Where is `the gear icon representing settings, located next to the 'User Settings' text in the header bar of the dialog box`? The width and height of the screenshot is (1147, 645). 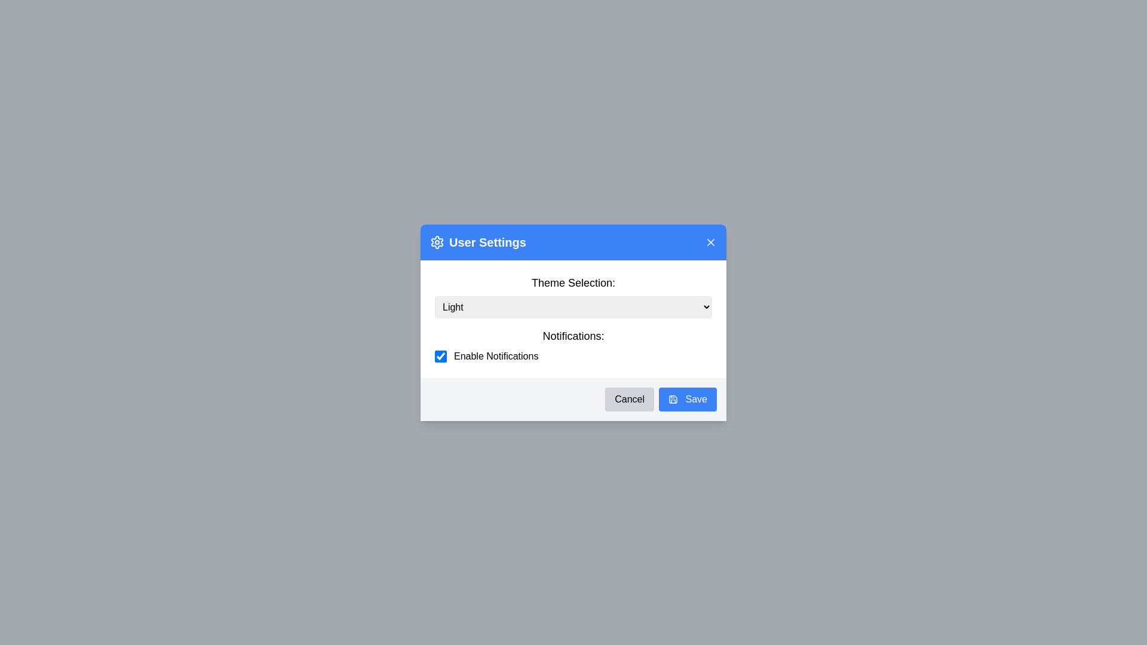 the gear icon representing settings, located next to the 'User Settings' text in the header bar of the dialog box is located at coordinates (436, 242).